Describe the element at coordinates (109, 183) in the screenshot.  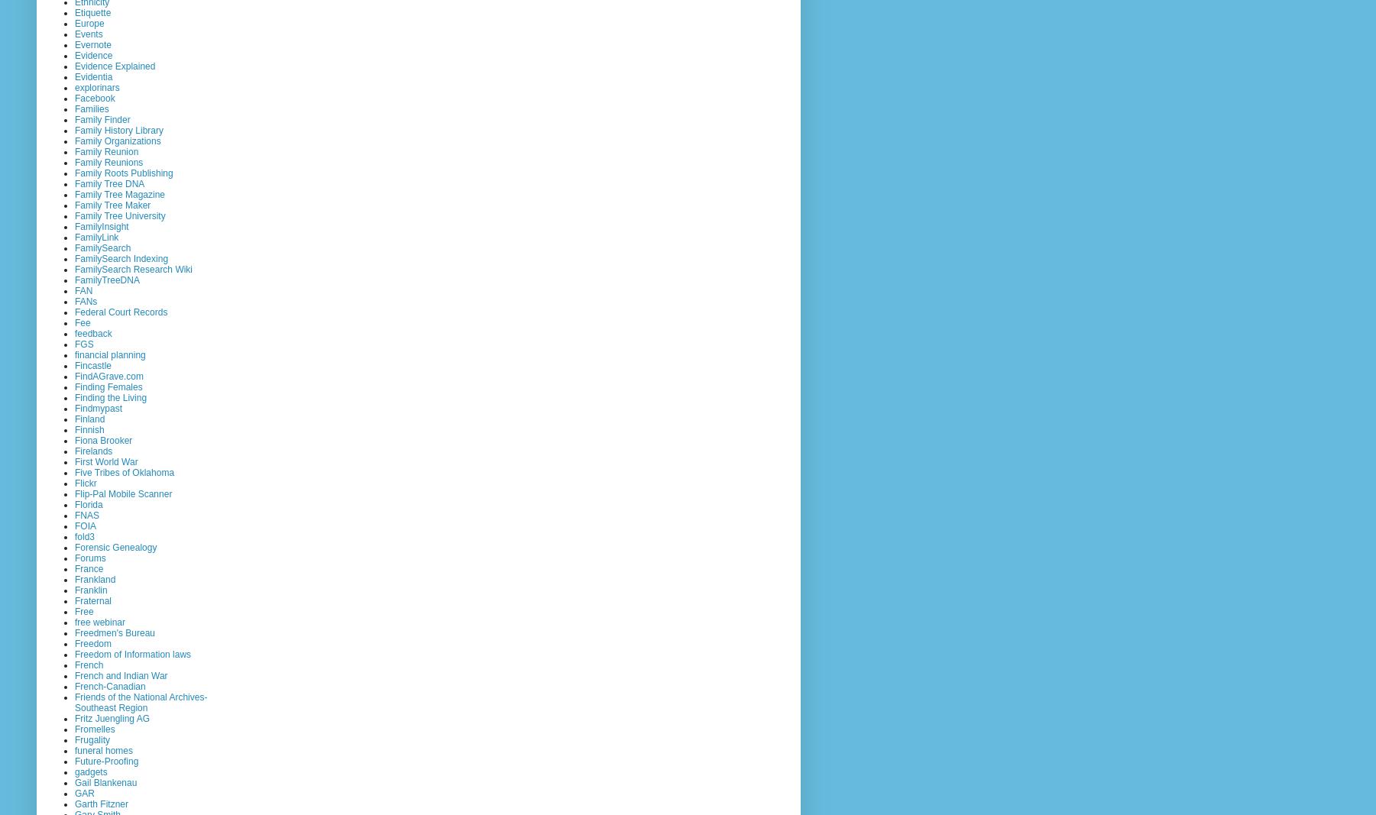
I see `'Family Tree DNA'` at that location.